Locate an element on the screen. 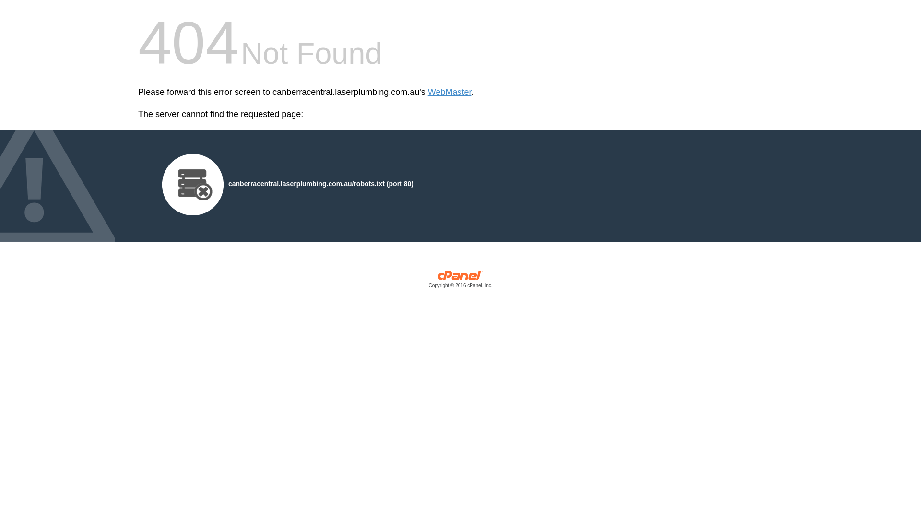 This screenshot has width=921, height=518. 'WebMaster' is located at coordinates (449, 92).